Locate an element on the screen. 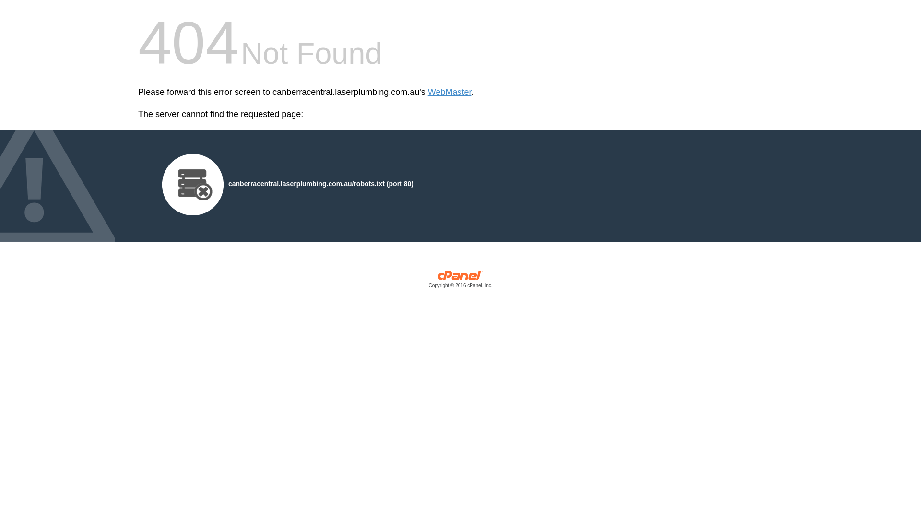 This screenshot has width=921, height=518. 'WebMaster' is located at coordinates (449, 92).